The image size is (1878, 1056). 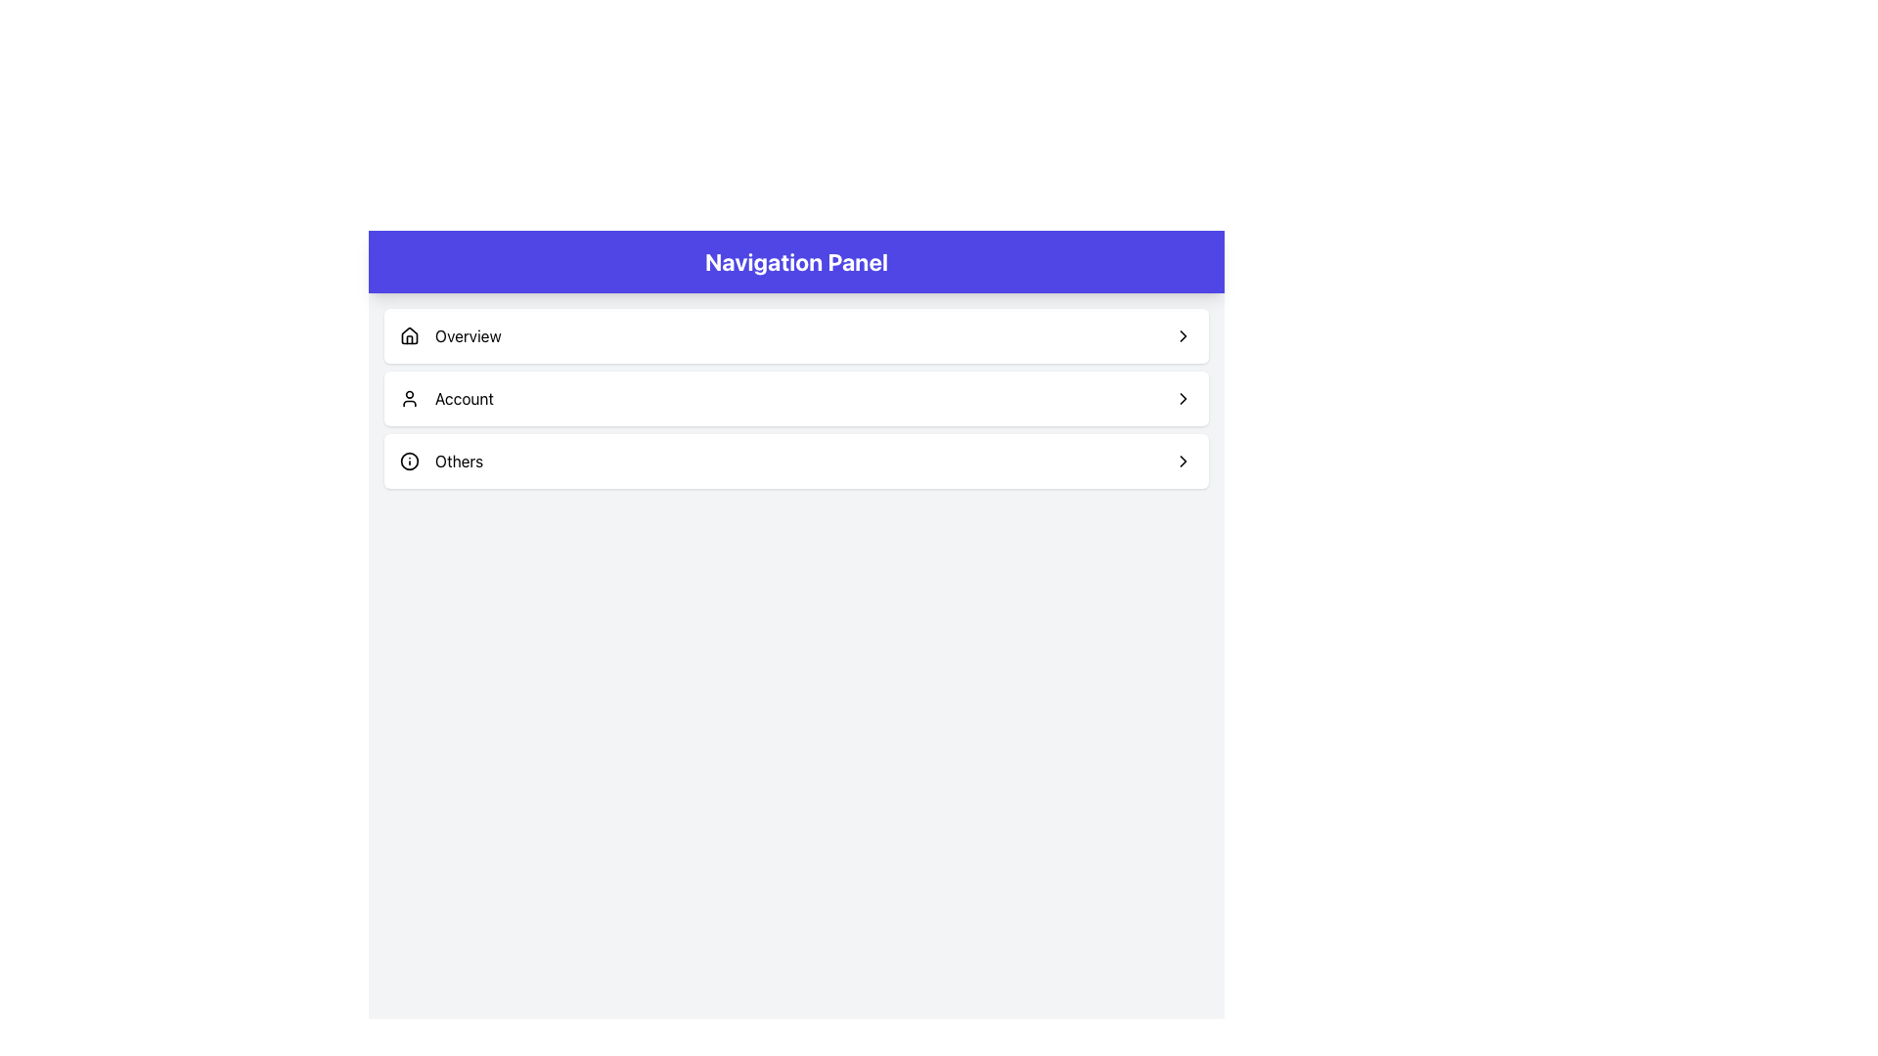 What do you see at coordinates (1182, 398) in the screenshot?
I see `the 'Account' icon, which indicates additional details or actions available for the account item, located to the far-right of the text label` at bounding box center [1182, 398].